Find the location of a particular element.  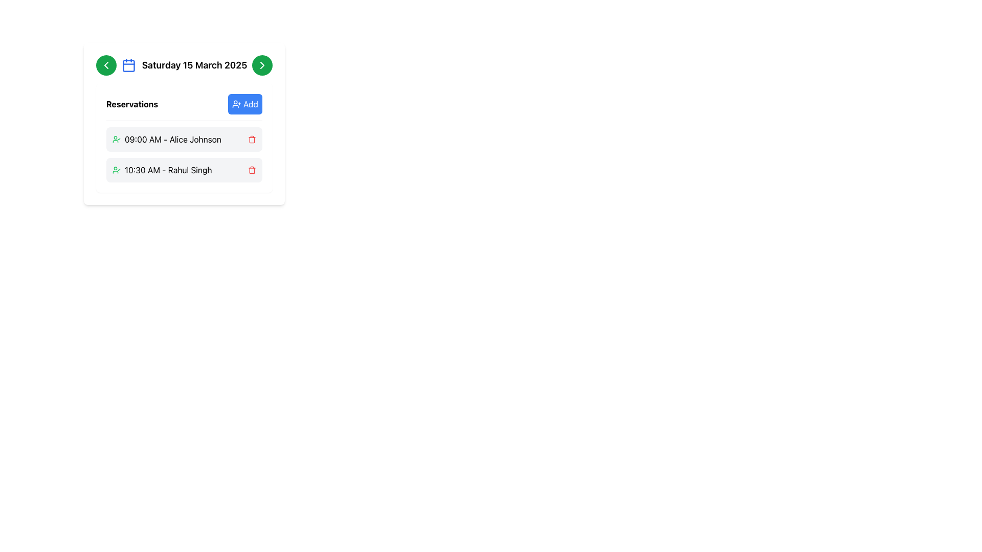

the scheduled event list item located in the second position under the 'Reservations' header for more information is located at coordinates (162, 169).